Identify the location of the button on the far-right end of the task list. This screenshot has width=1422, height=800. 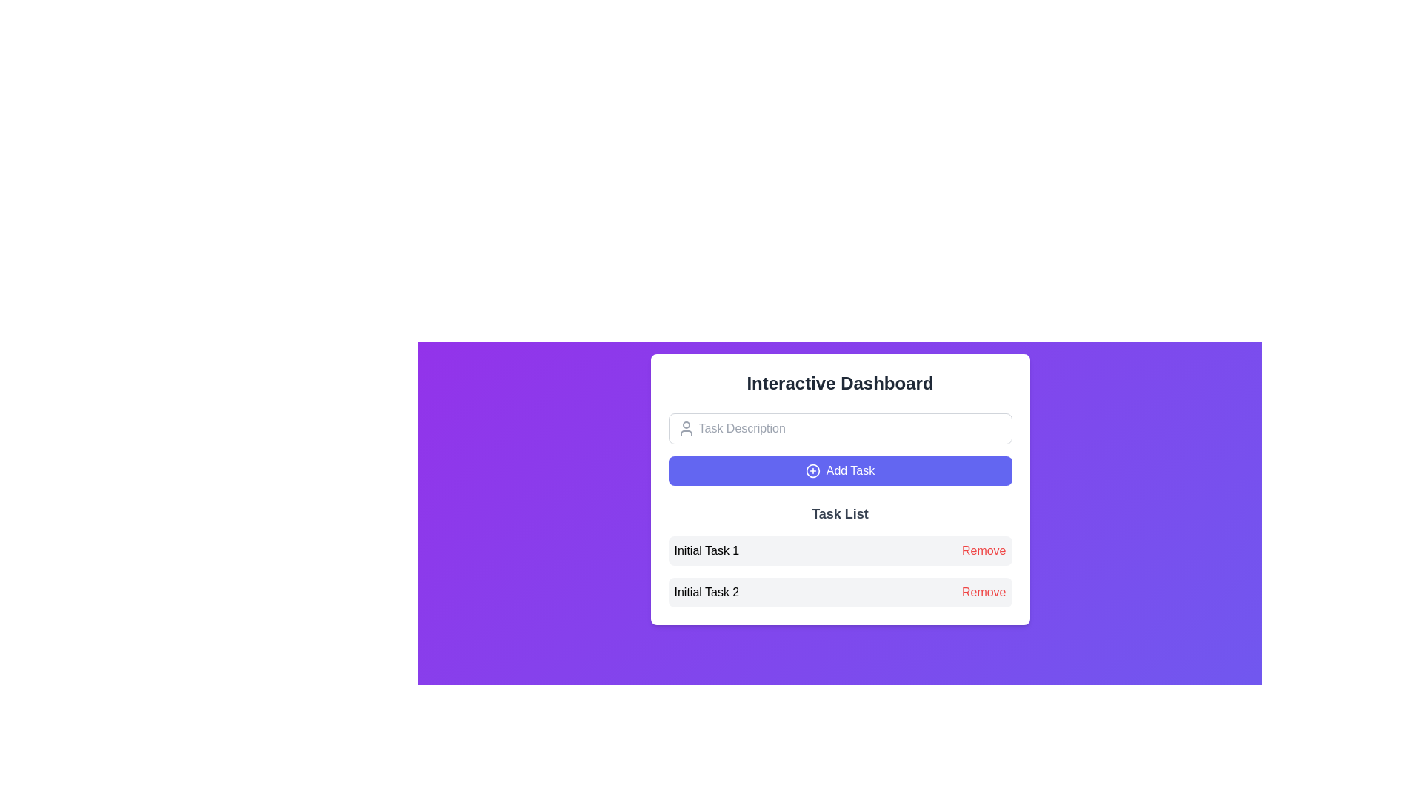
(984, 551).